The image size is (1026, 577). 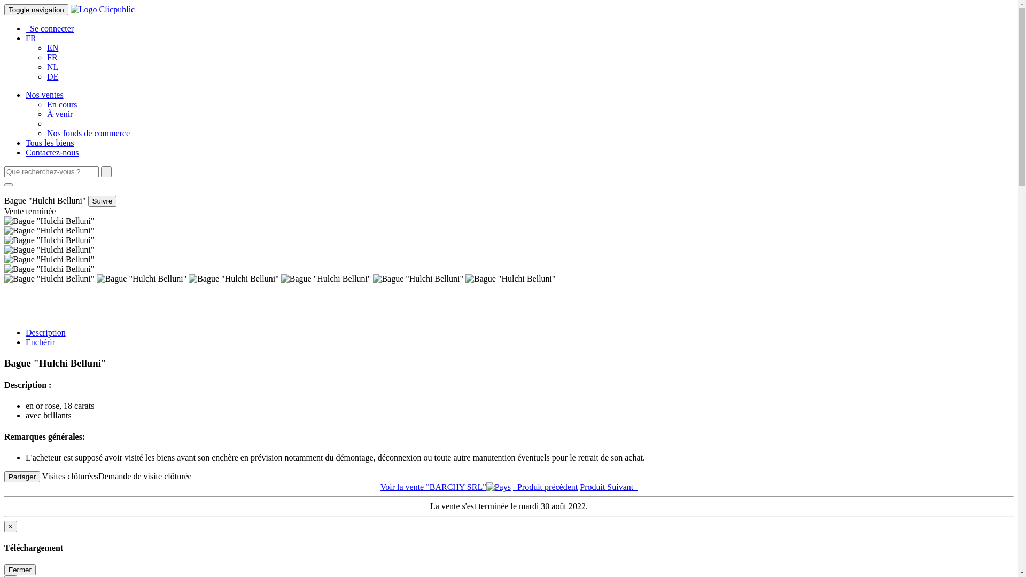 I want to click on 'FR', so click(x=51, y=57).